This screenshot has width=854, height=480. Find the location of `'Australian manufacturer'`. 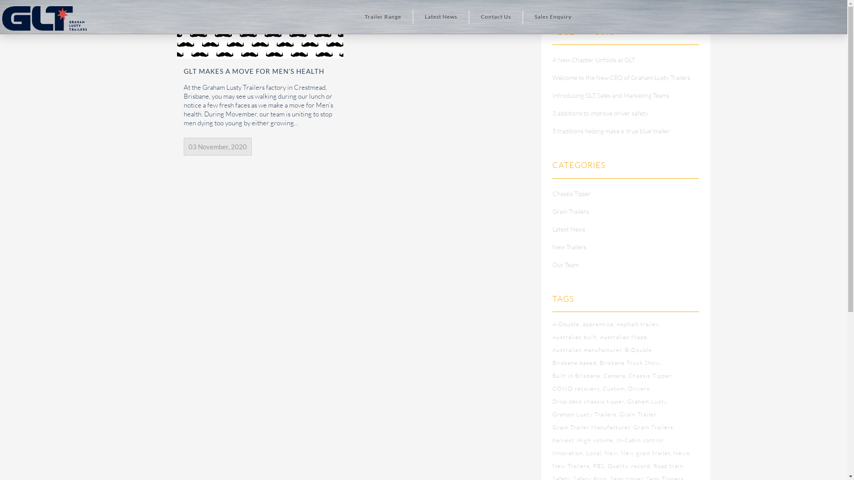

'Australian manufacturer' is located at coordinates (588, 349).